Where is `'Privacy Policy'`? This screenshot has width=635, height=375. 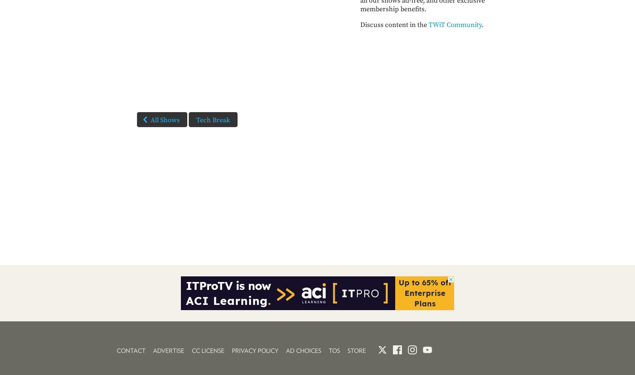
'Privacy Policy' is located at coordinates (231, 351).